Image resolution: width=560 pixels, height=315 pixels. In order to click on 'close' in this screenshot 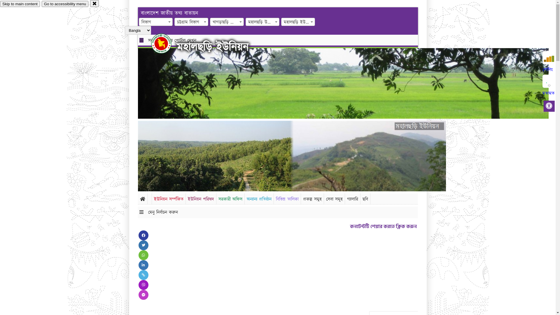, I will do `click(94, 3)`.